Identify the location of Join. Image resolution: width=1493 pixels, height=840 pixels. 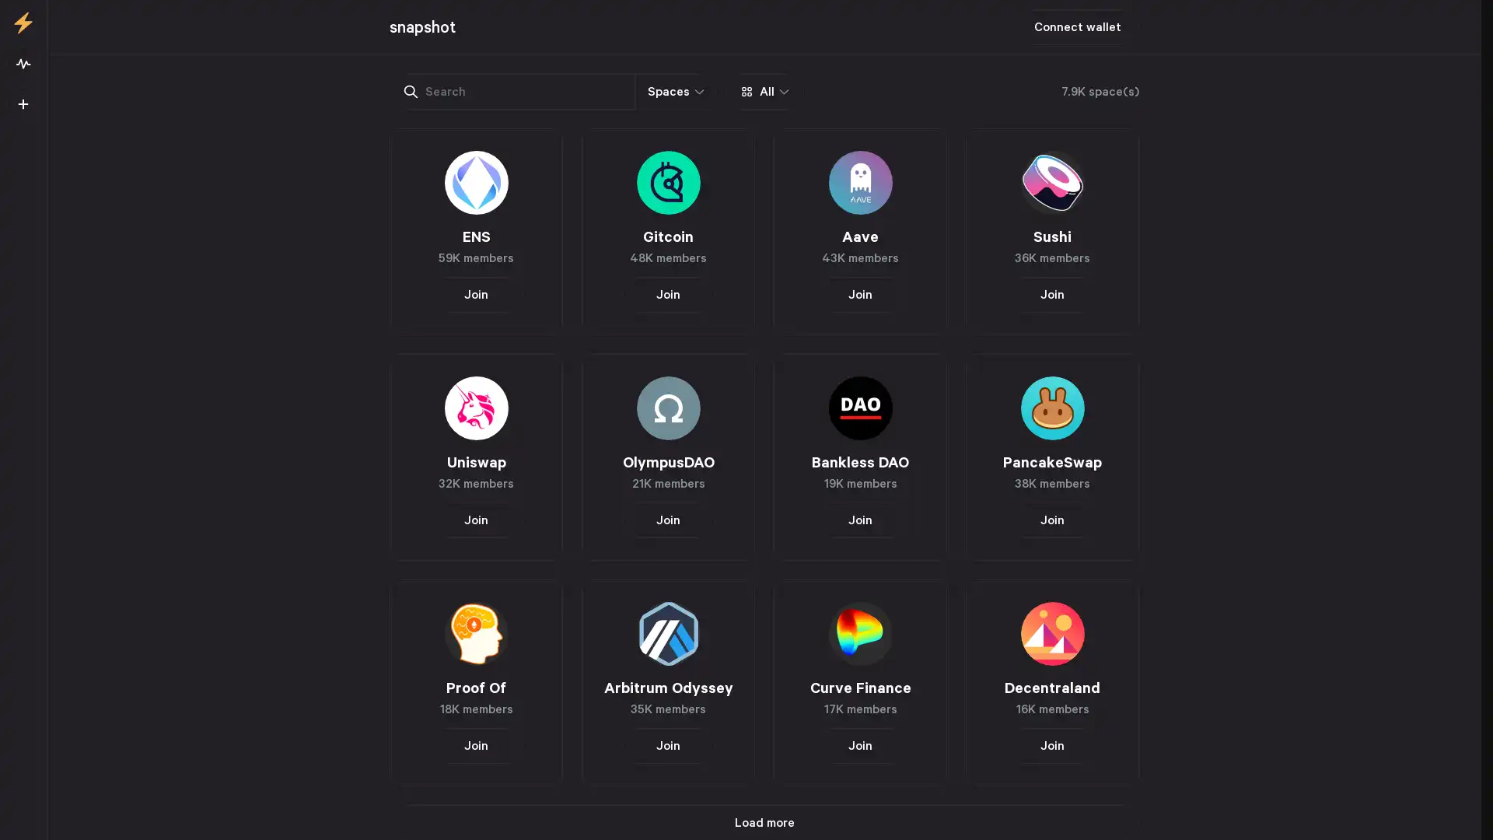
(668, 745).